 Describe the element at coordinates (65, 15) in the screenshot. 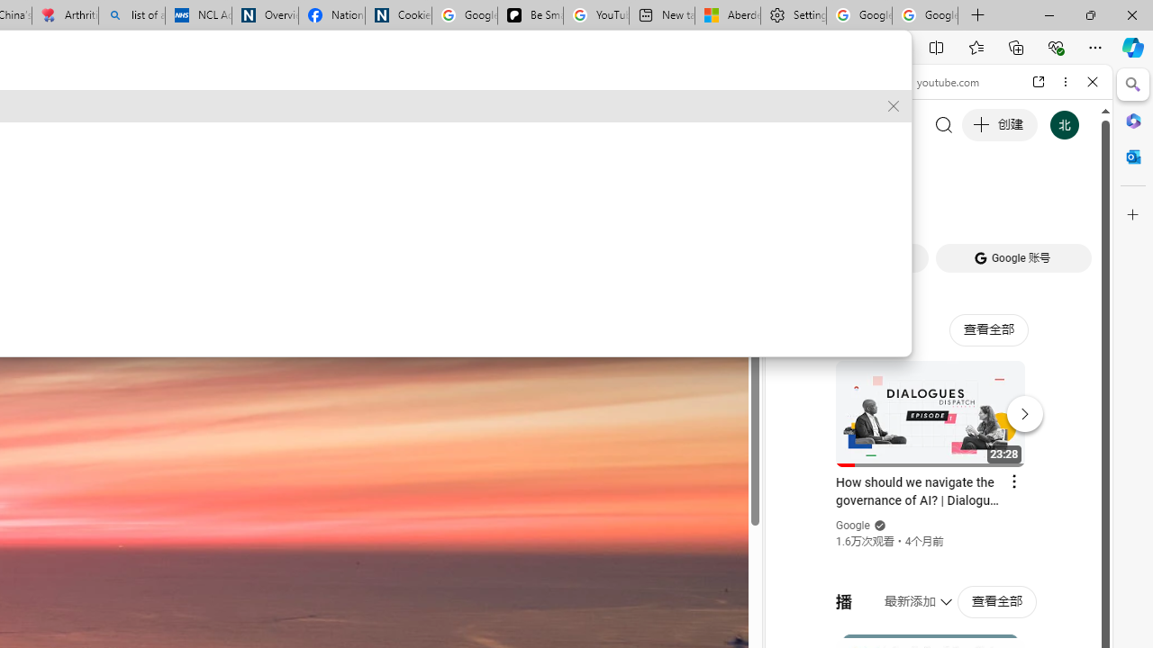

I see `'Arthritis: Ask Health Professionals'` at that location.